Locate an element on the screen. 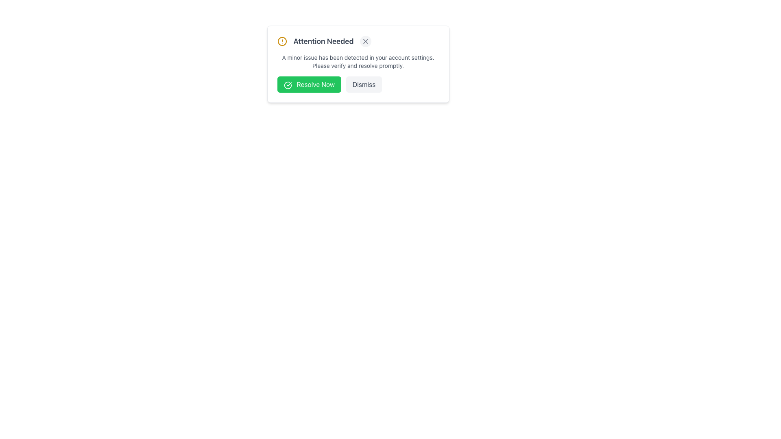 Image resolution: width=781 pixels, height=439 pixels. the text block displaying a minor issue with account settings, styled in a small gray font, located below the 'Attention Needed' title and above the 'Resolve Now' and 'Dismiss' buttons is located at coordinates (358, 61).